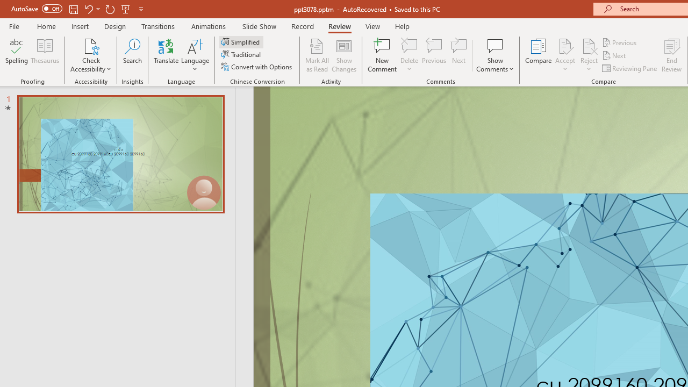  Describe the element at coordinates (44, 55) in the screenshot. I see `'Thesaurus...'` at that location.